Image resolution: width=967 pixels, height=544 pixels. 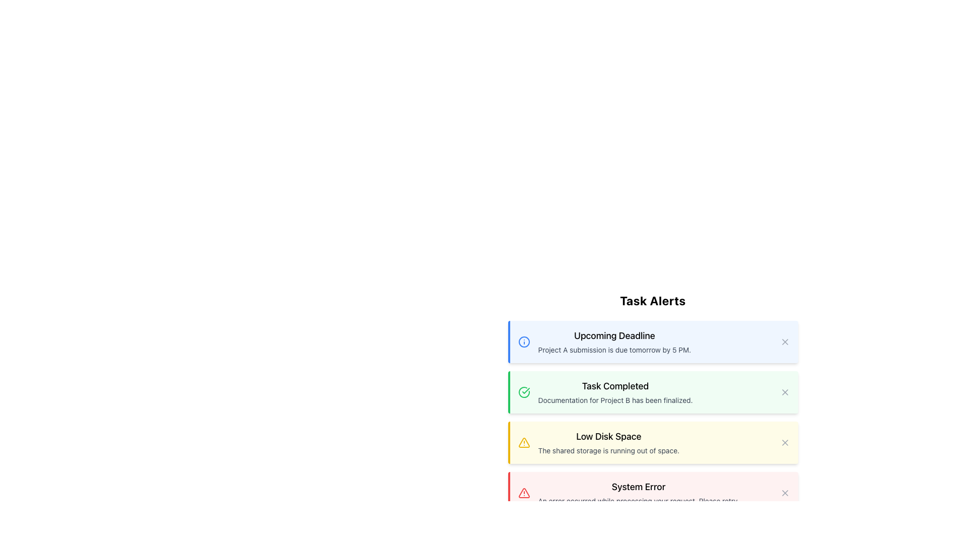 What do you see at coordinates (524, 341) in the screenshot?
I see `the first icon on the left of the 'Upcoming Deadline' section` at bounding box center [524, 341].